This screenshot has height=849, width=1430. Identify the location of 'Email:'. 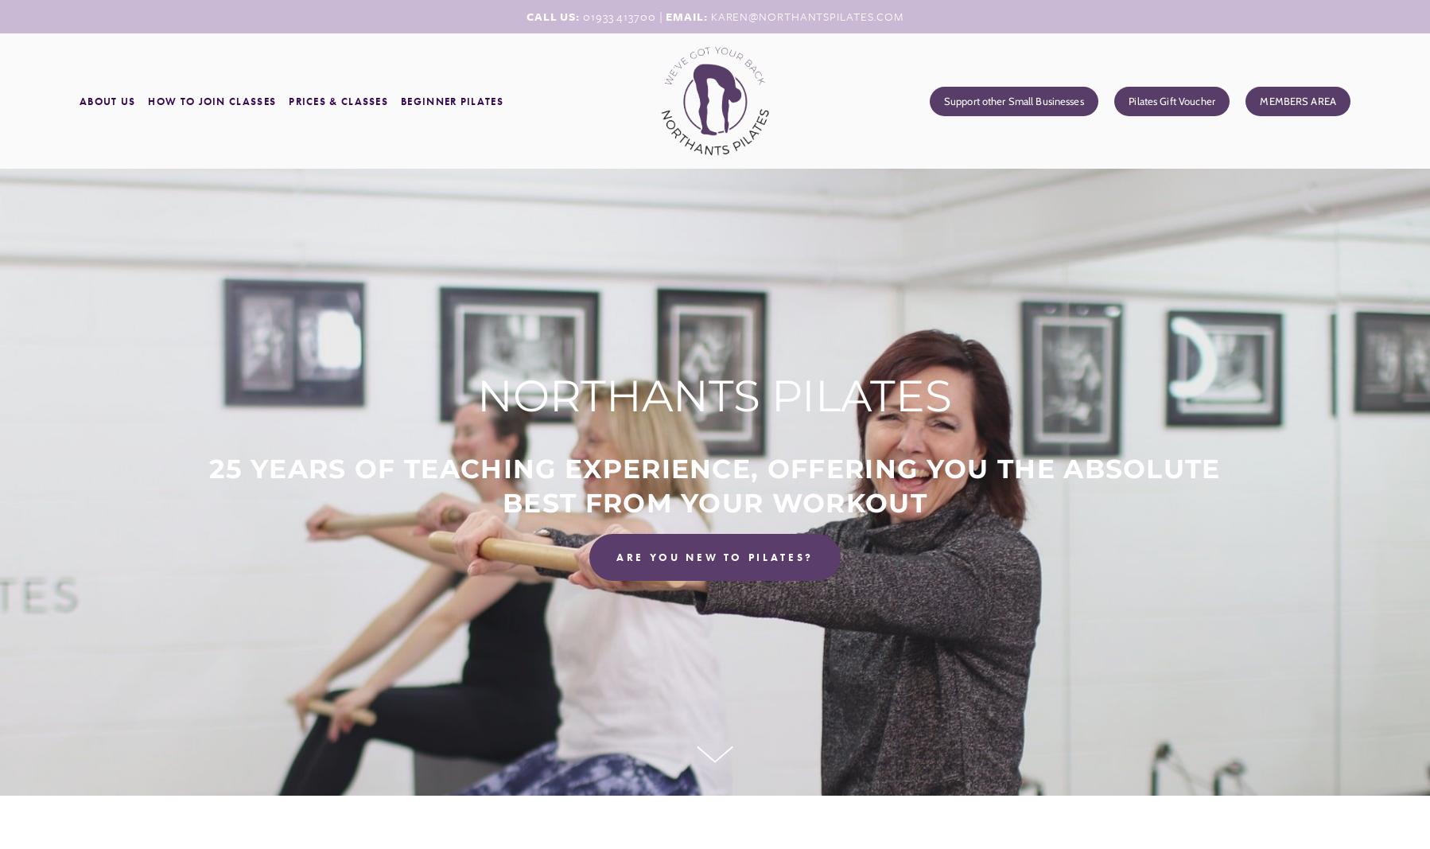
(688, 15).